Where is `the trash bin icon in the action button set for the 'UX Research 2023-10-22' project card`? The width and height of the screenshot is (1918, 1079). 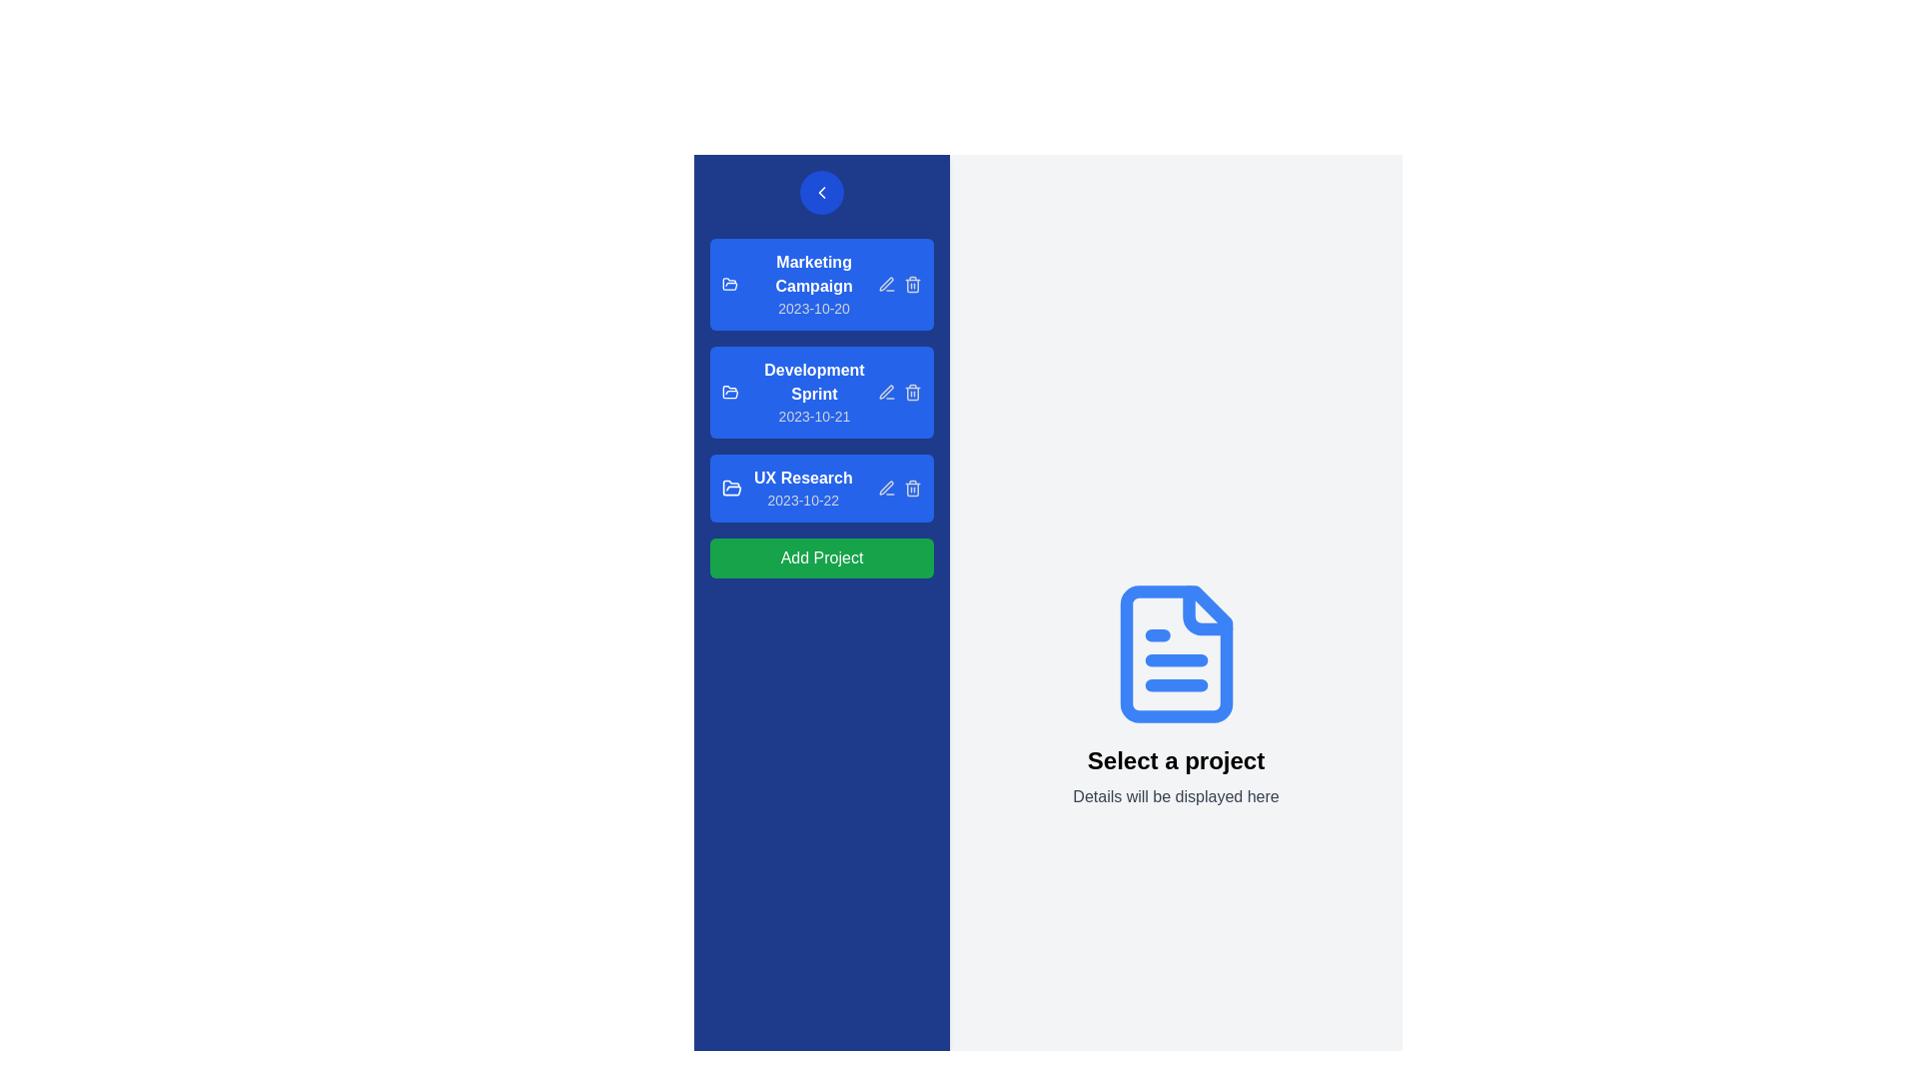
the trash bin icon in the action button set for the 'UX Research 2023-10-22' project card is located at coordinates (899, 489).